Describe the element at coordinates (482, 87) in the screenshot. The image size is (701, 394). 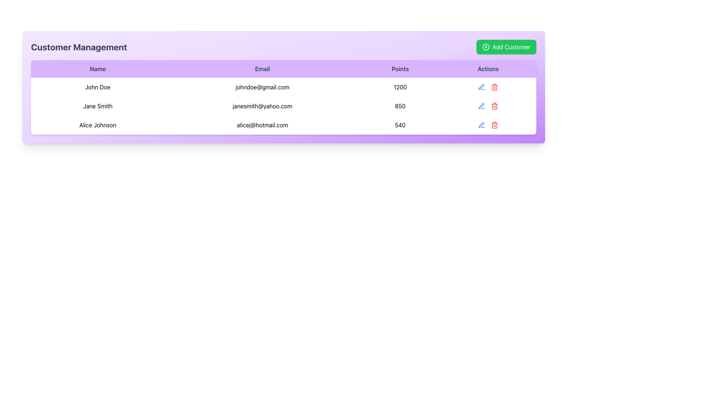
I see `the blue pen icon button located in the 'Actions' column for the first row representing 'John Doe'` at that location.